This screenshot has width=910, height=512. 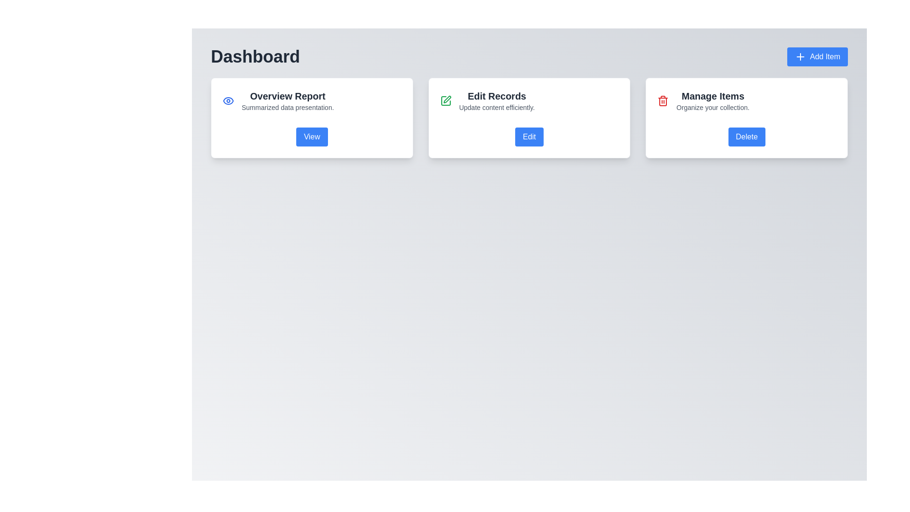 What do you see at coordinates (529, 137) in the screenshot?
I see `the button located at the center of the 'Edit Records' card` at bounding box center [529, 137].